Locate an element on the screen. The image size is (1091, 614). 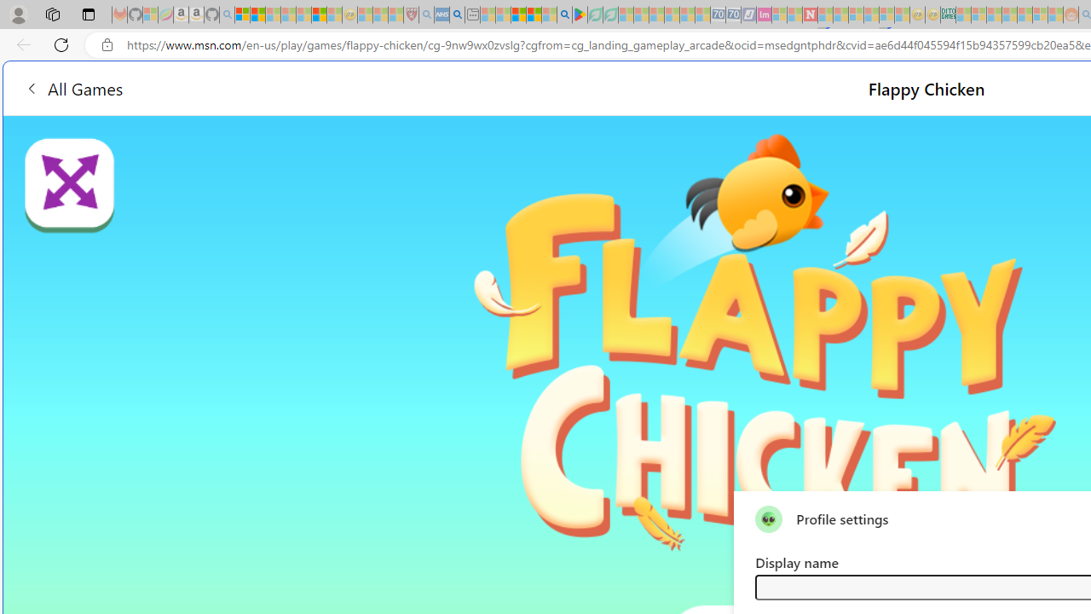
'Bluey: Let' is located at coordinates (580, 14).